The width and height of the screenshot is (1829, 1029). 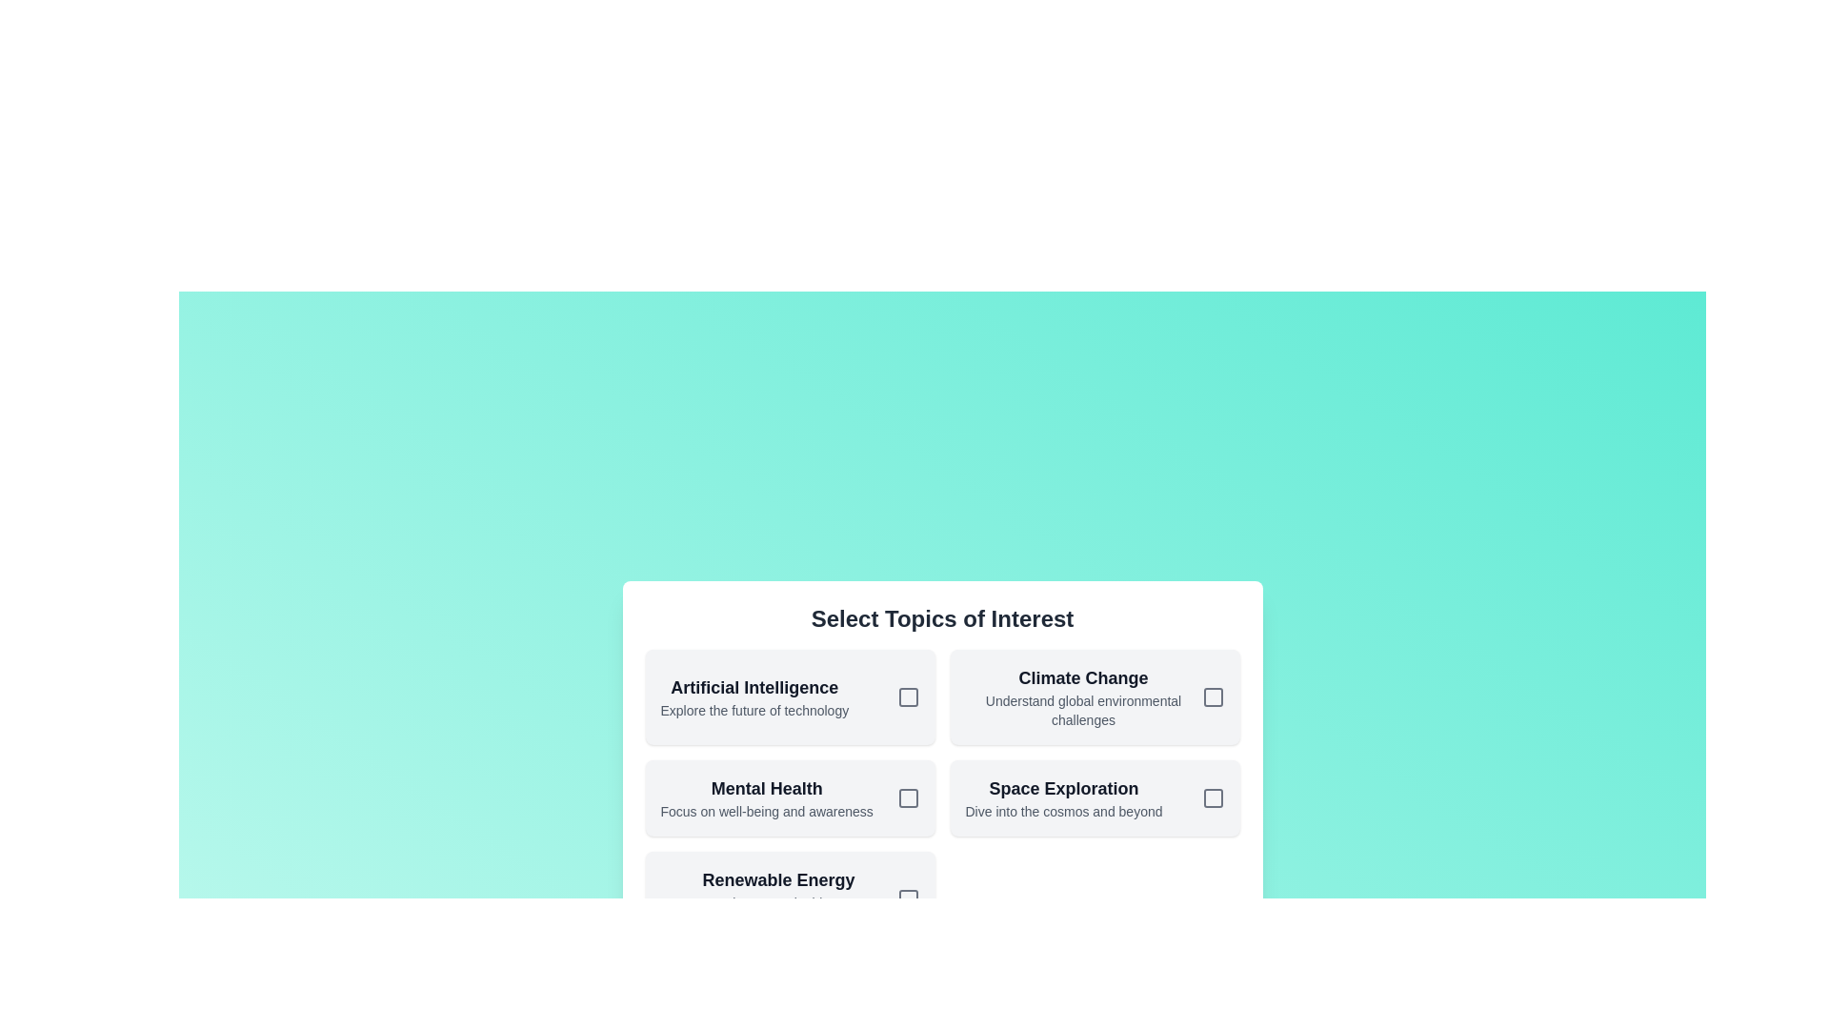 What do you see at coordinates (1095, 697) in the screenshot?
I see `the card representing the topic Climate Change` at bounding box center [1095, 697].